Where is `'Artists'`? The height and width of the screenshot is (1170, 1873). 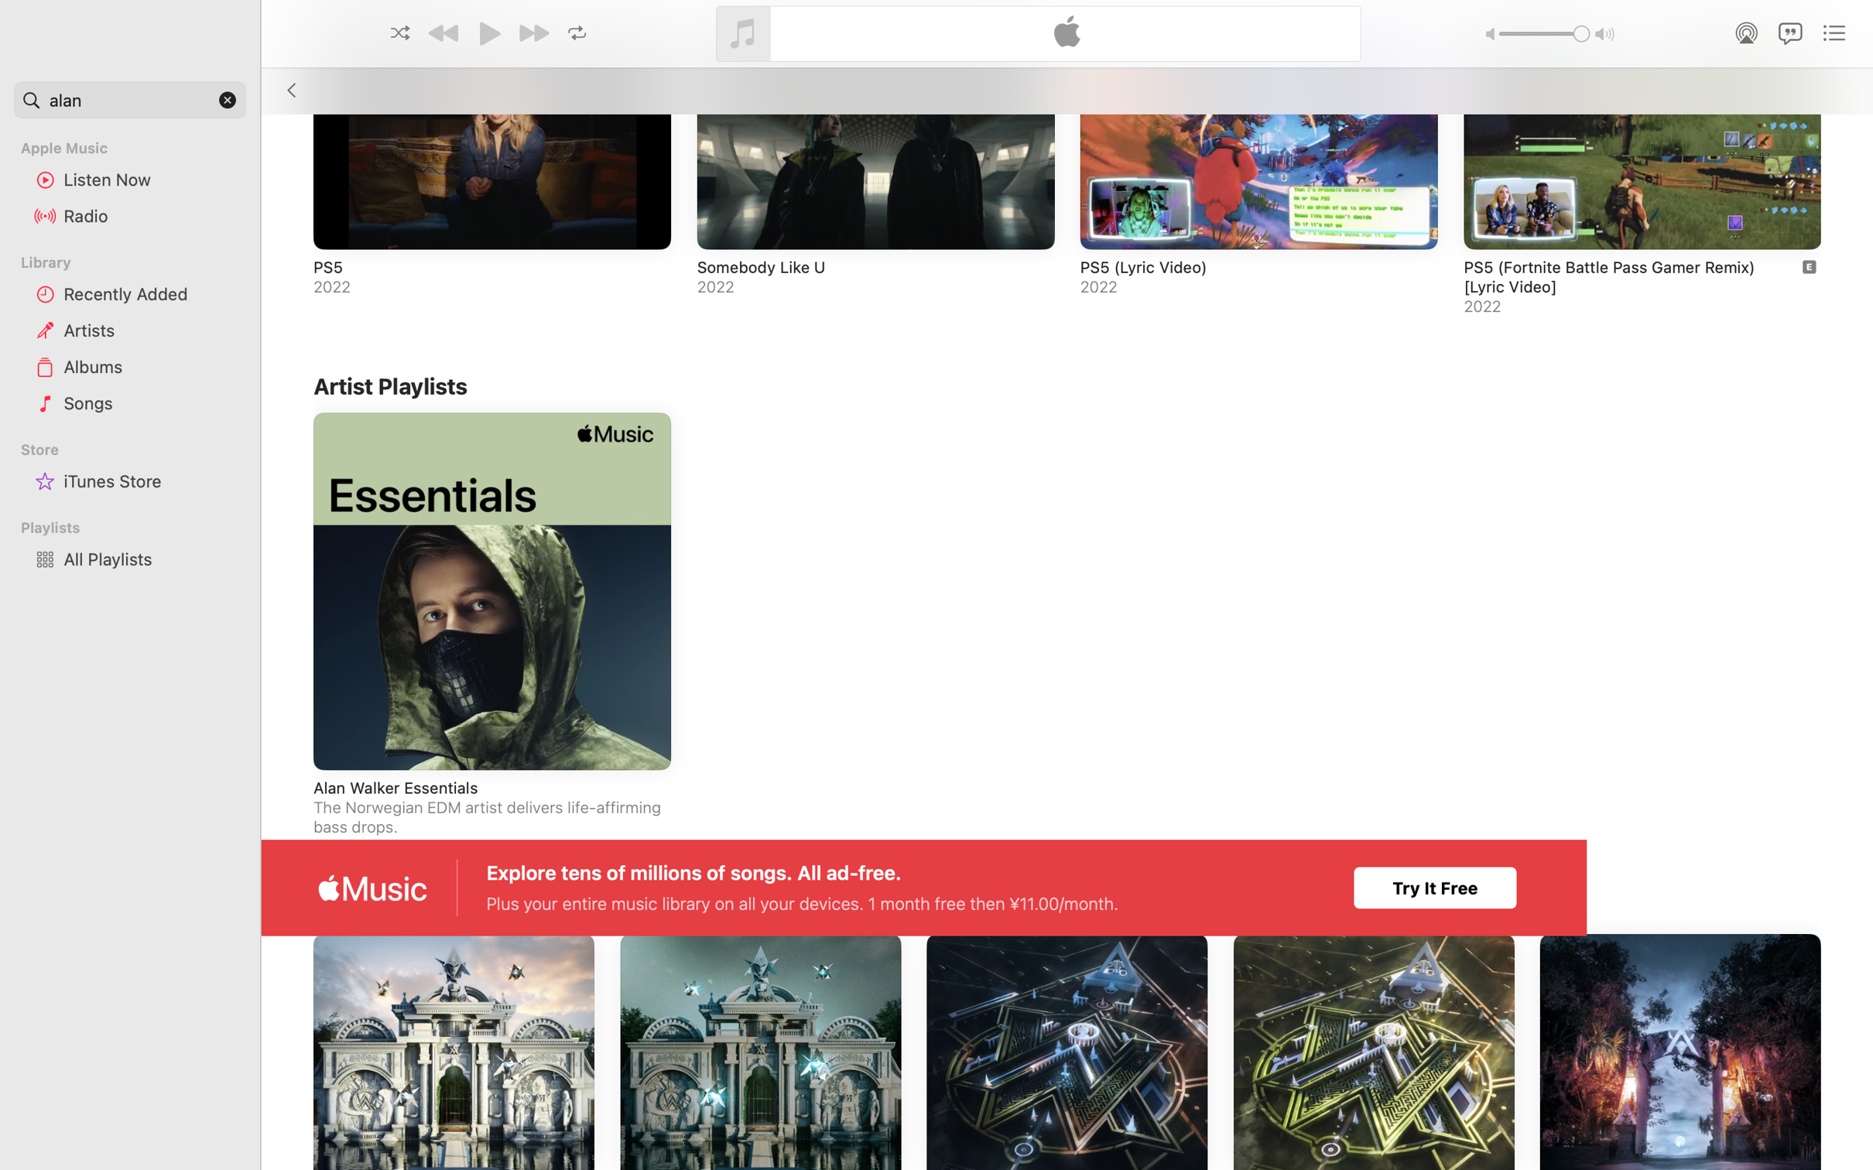 'Artists' is located at coordinates (149, 329).